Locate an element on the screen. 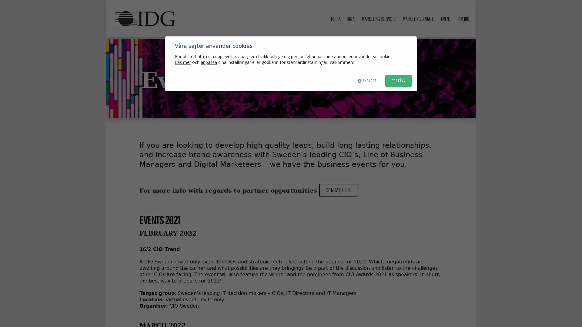 The image size is (582, 327). INSTALLNINGAR:ANPASSA is located at coordinates (366, 80).